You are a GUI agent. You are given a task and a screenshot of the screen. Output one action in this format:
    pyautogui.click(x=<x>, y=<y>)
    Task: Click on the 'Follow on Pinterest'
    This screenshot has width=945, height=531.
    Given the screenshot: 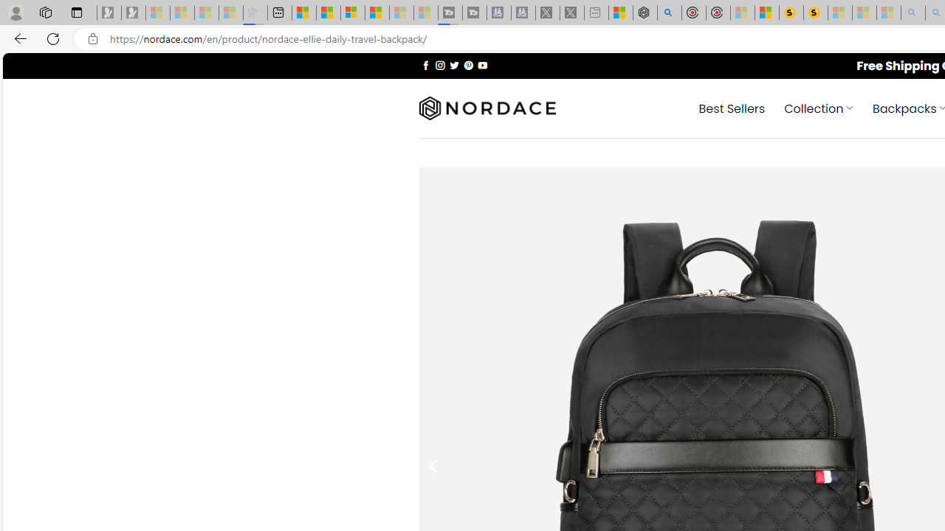 What is the action you would take?
    pyautogui.click(x=467, y=64)
    